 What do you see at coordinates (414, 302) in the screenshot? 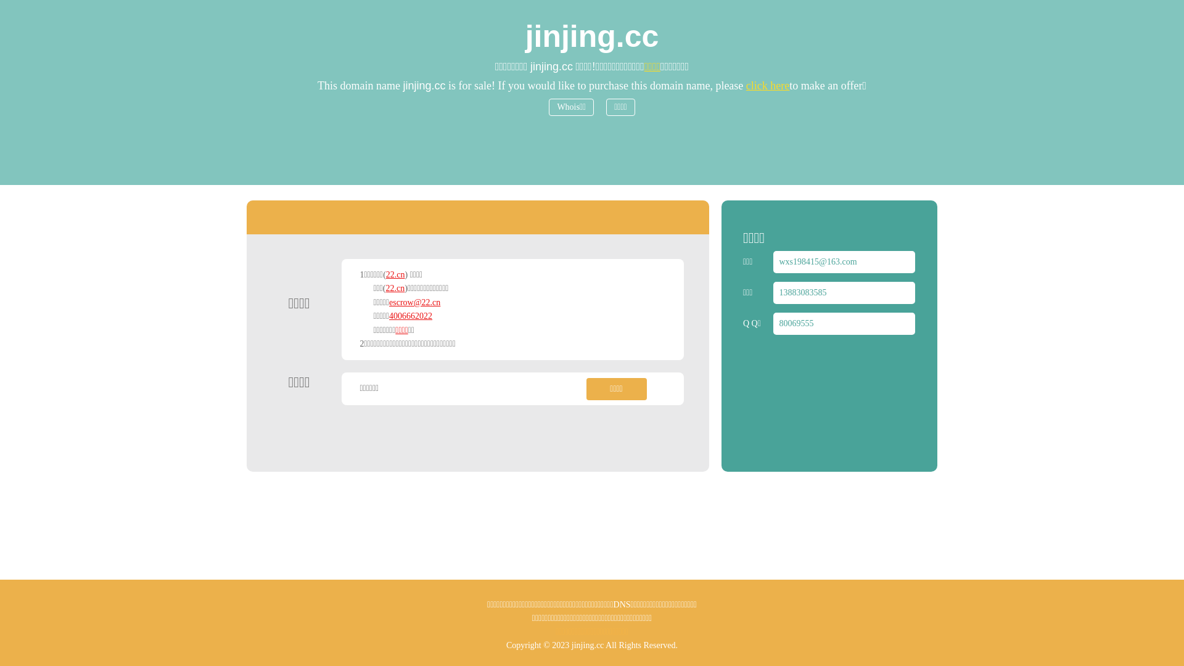
I see `'escrow@22.cn'` at bounding box center [414, 302].